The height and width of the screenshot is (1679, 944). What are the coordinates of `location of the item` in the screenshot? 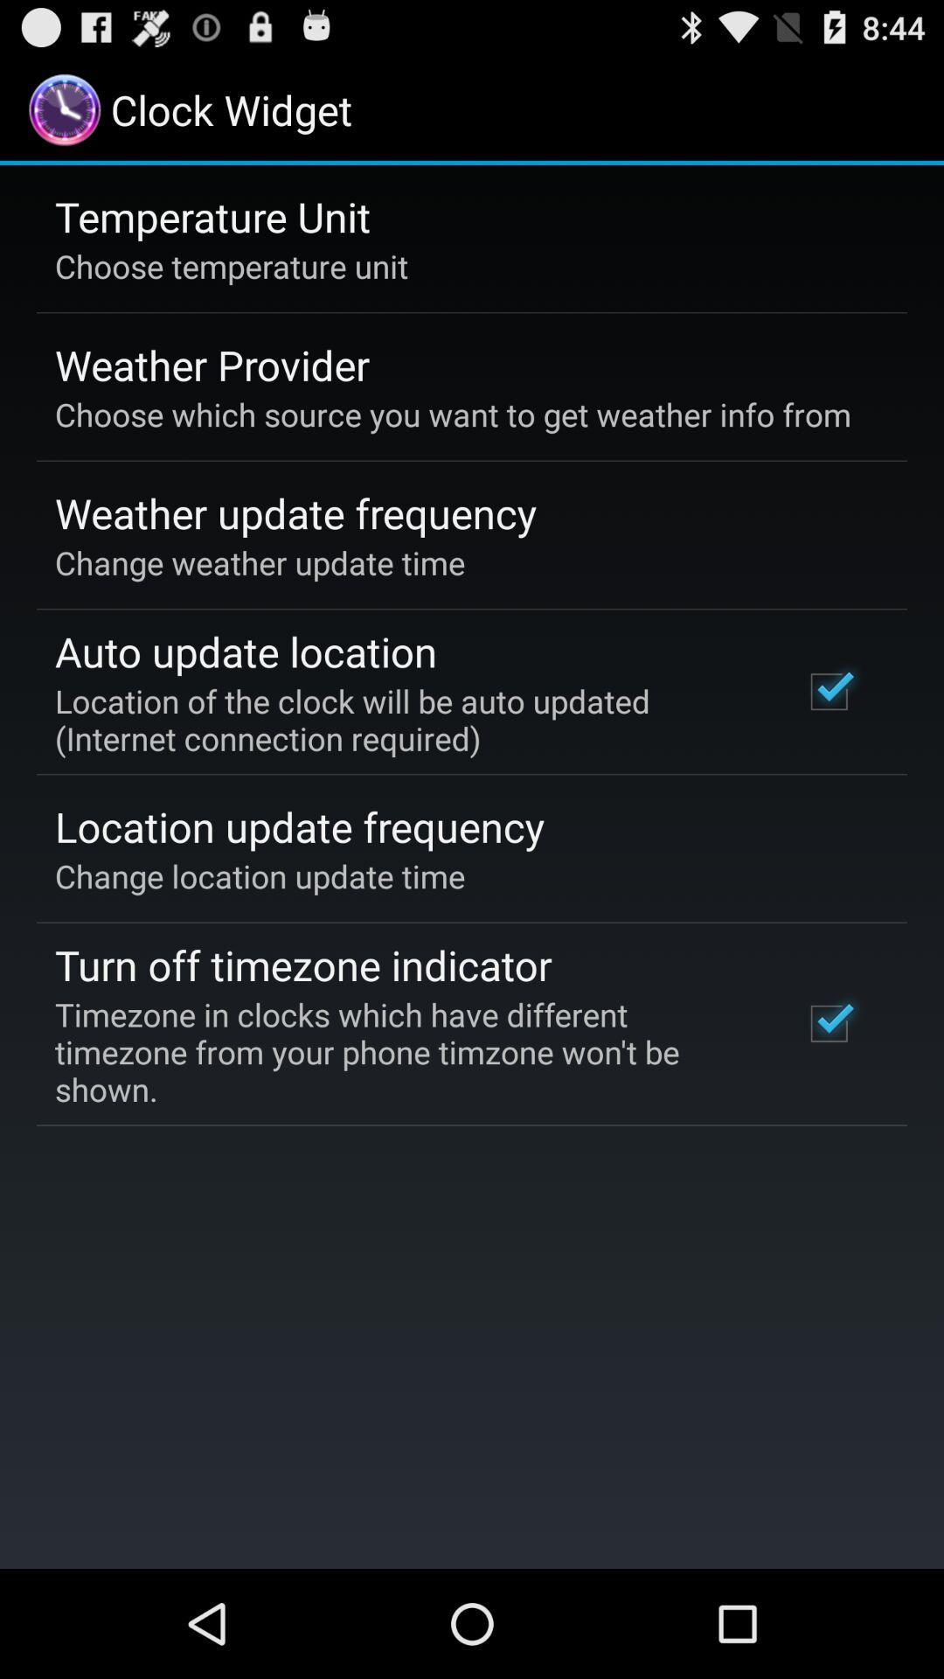 It's located at (405, 720).